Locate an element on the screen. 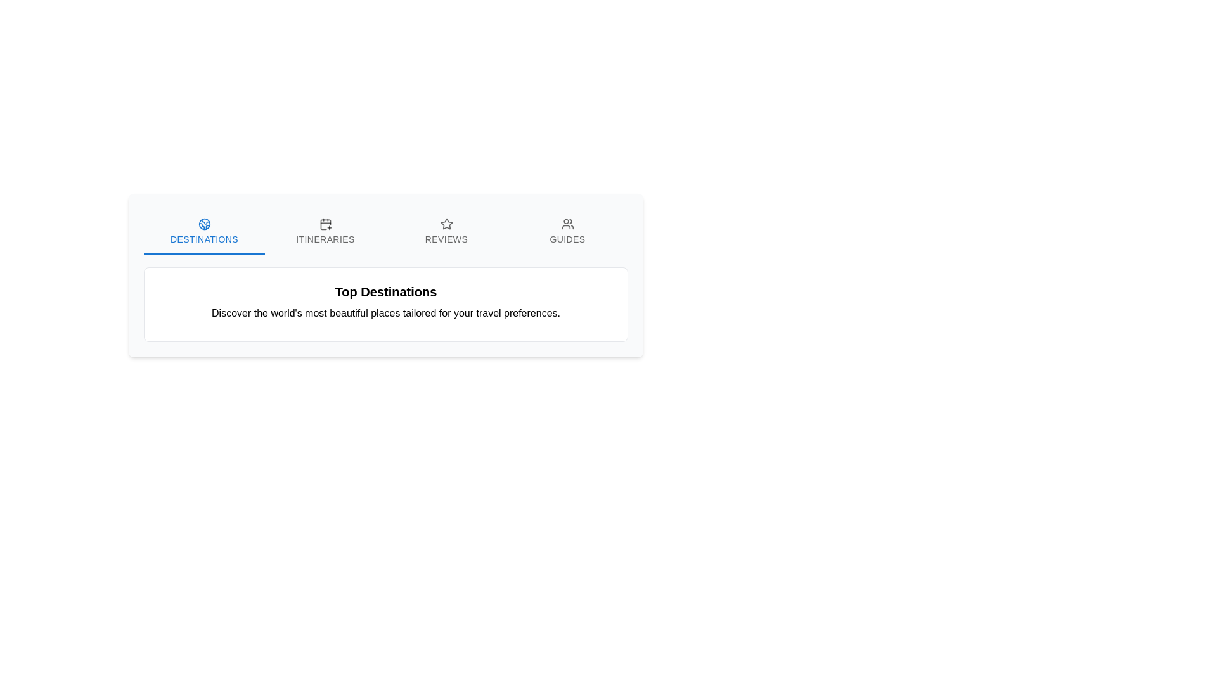 This screenshot has width=1217, height=684. the 'Guides' icon located at the far right of the navigation tabs at the top of the card, which serves as a visual representation for the 'Guides' section is located at coordinates (567, 224).